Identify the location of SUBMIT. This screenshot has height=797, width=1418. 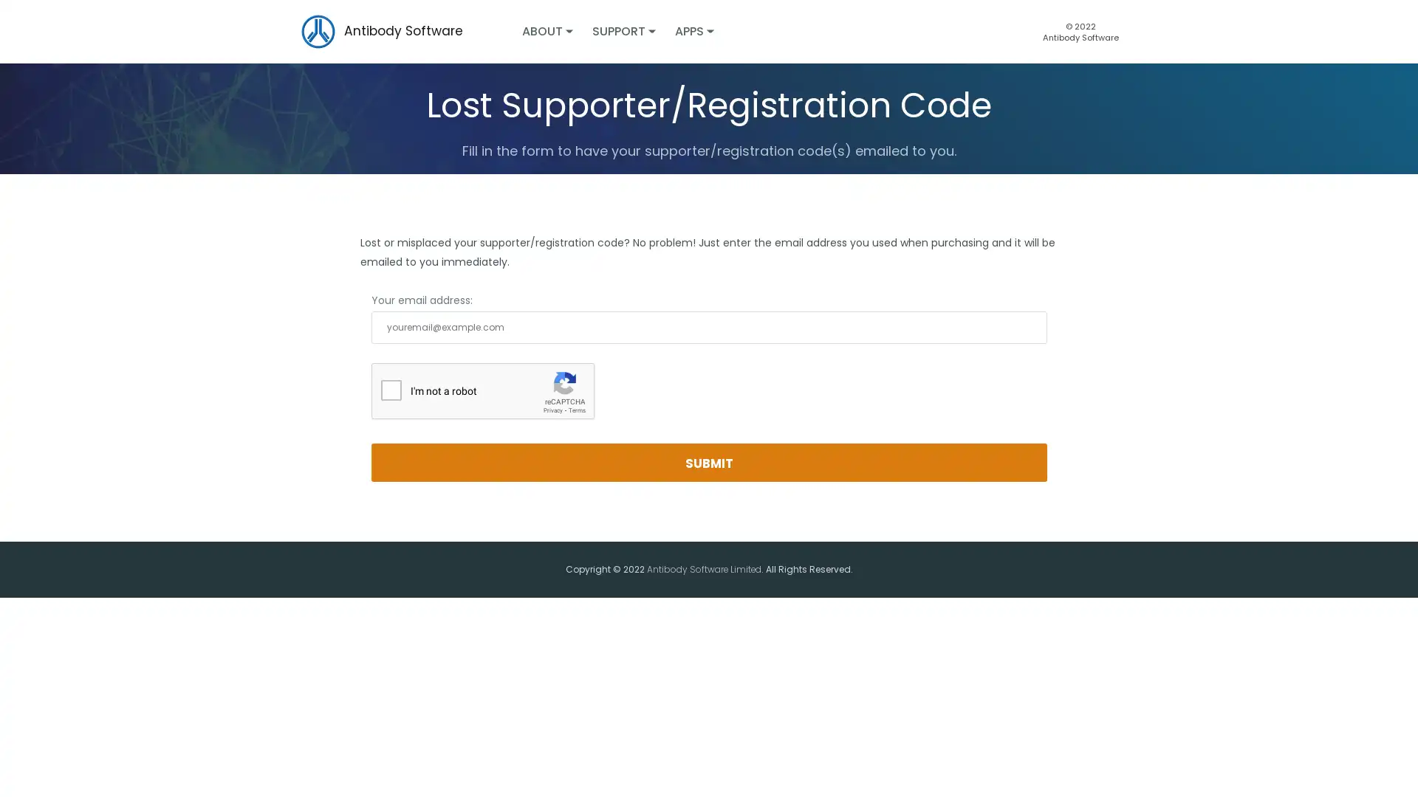
(708, 462).